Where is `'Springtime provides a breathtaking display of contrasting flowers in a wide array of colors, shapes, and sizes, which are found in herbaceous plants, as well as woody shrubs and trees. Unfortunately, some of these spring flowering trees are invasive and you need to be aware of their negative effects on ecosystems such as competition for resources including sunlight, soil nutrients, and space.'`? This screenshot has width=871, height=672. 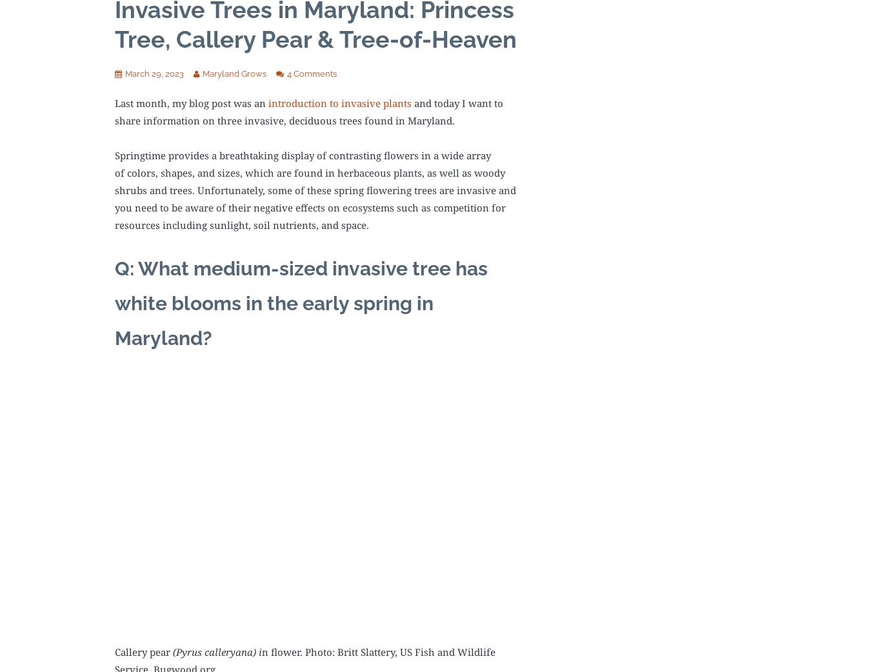 'Springtime provides a breathtaking display of contrasting flowers in a wide array of colors, shapes, and sizes, which are found in herbaceous plants, as well as woody shrubs and trees. Unfortunately, some of these spring flowering trees are invasive and you need to be aware of their negative effects on ecosystems such as competition for resources including sunlight, soil nutrients, and space.' is located at coordinates (115, 189).